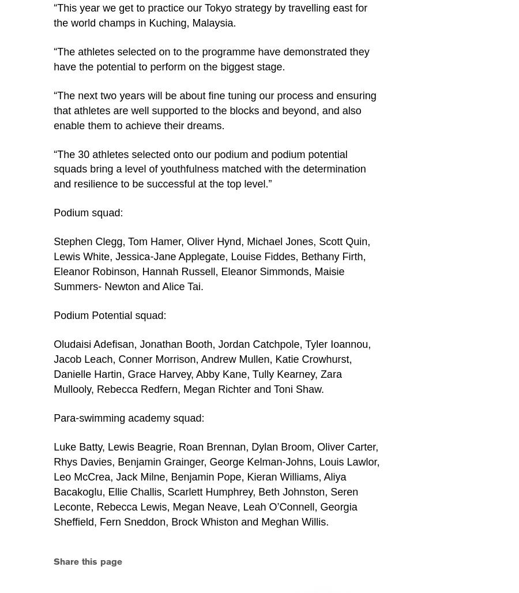 This screenshot has width=519, height=593. Describe the element at coordinates (212, 263) in the screenshot. I see `'Stephen Clegg, Tom Hamer, Oliver Hynd, Michael Jones, Scott Quin, Lewis White, Jessica-Jane Applegate, Louise Fiddes, Bethany Firth, Eleanor Robinson, Hannah Russell, Eleanor Simmonds, Maisie Summers- Newton and Alice Tai.'` at that location.